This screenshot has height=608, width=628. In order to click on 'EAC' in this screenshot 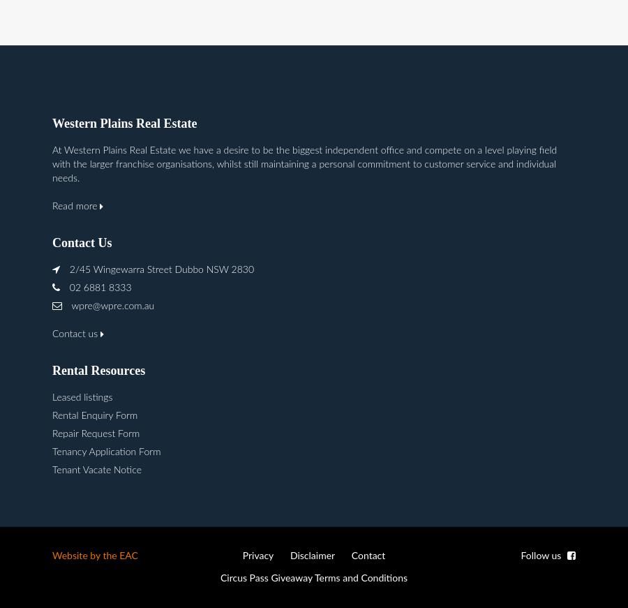, I will do `click(128, 556)`.